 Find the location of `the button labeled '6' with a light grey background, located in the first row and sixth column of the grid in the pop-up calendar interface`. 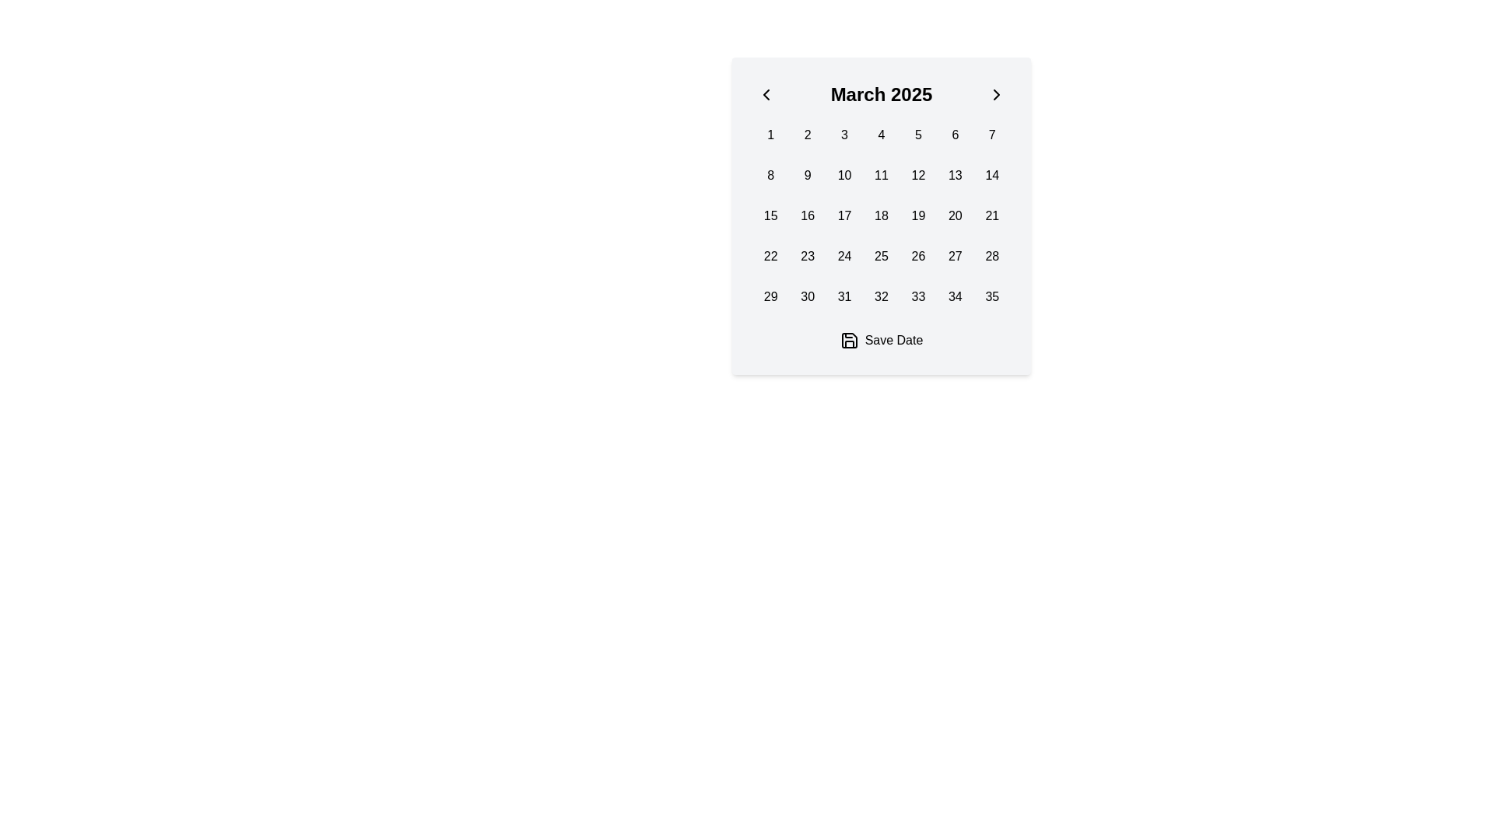

the button labeled '6' with a light grey background, located in the first row and sixth column of the grid in the pop-up calendar interface is located at coordinates (954, 134).